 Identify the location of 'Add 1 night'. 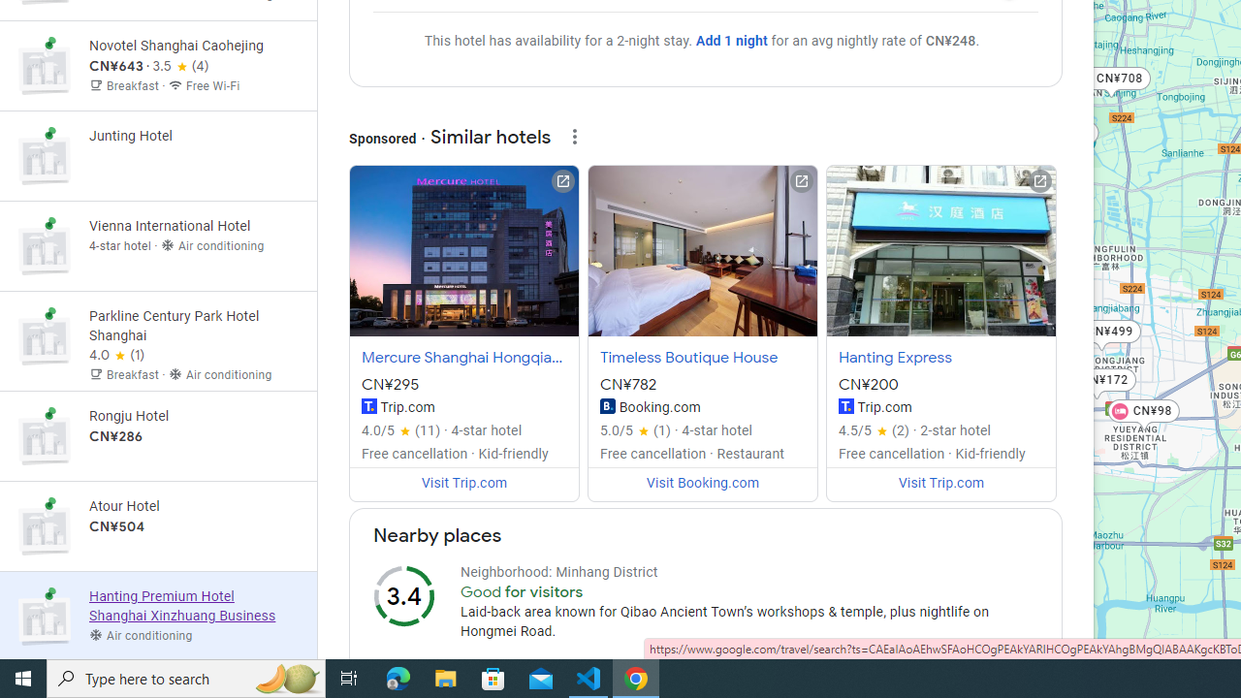
(730, 41).